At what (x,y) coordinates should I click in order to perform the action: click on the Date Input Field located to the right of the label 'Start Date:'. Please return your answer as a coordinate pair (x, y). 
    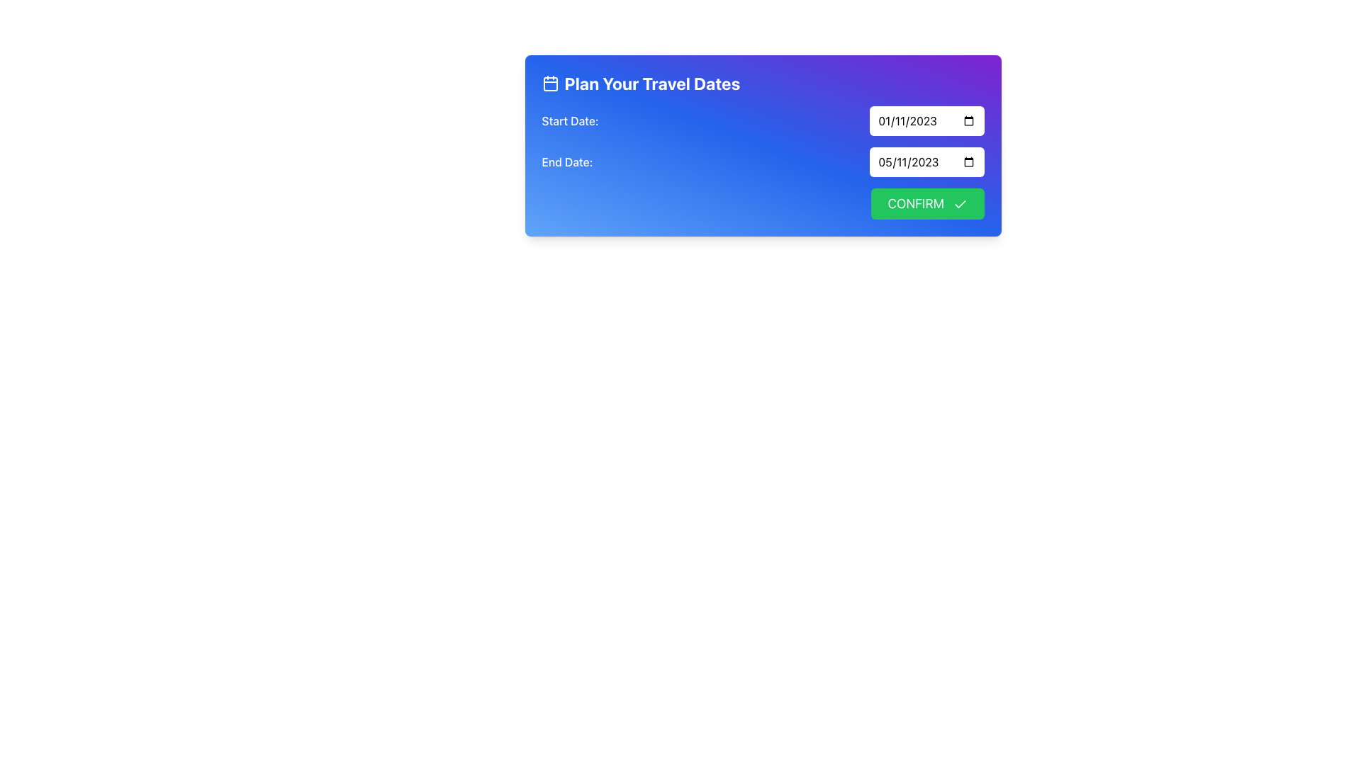
    Looking at the image, I should click on (926, 120).